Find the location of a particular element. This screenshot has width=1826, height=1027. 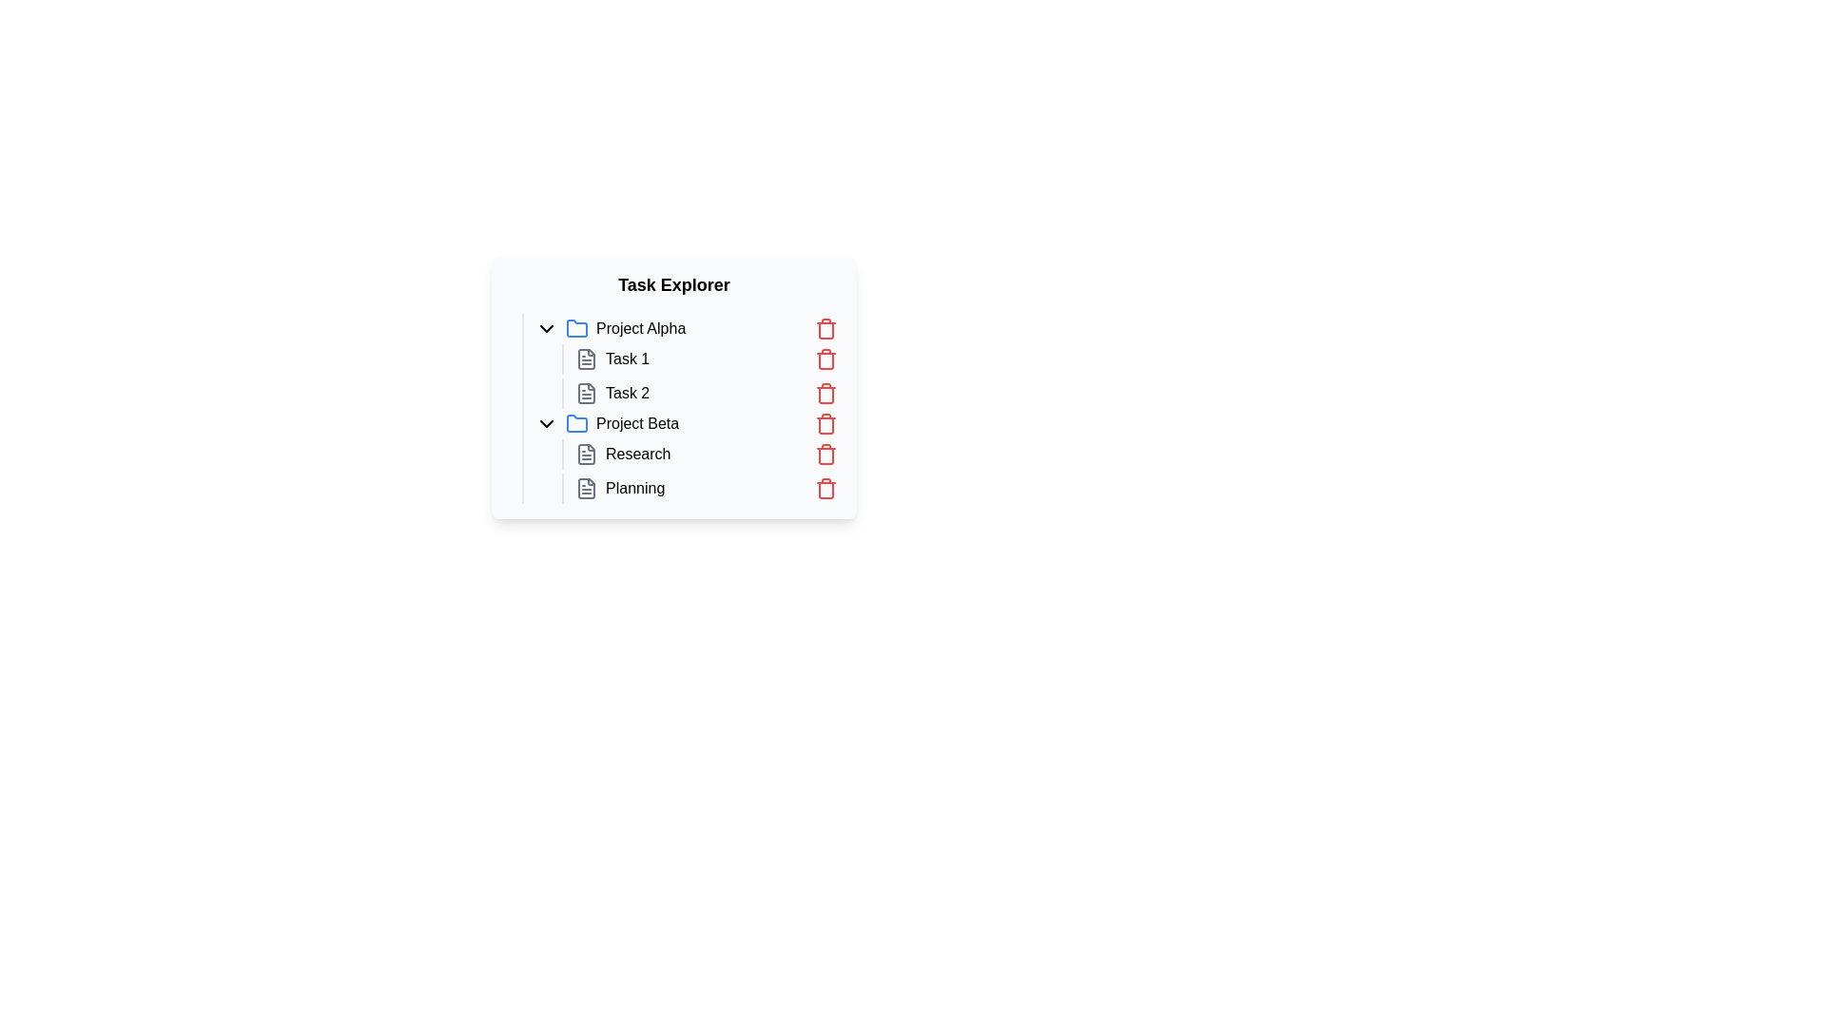

the folder icon with a blue outline located next to the label 'Project Alpha' is located at coordinates (575, 326).